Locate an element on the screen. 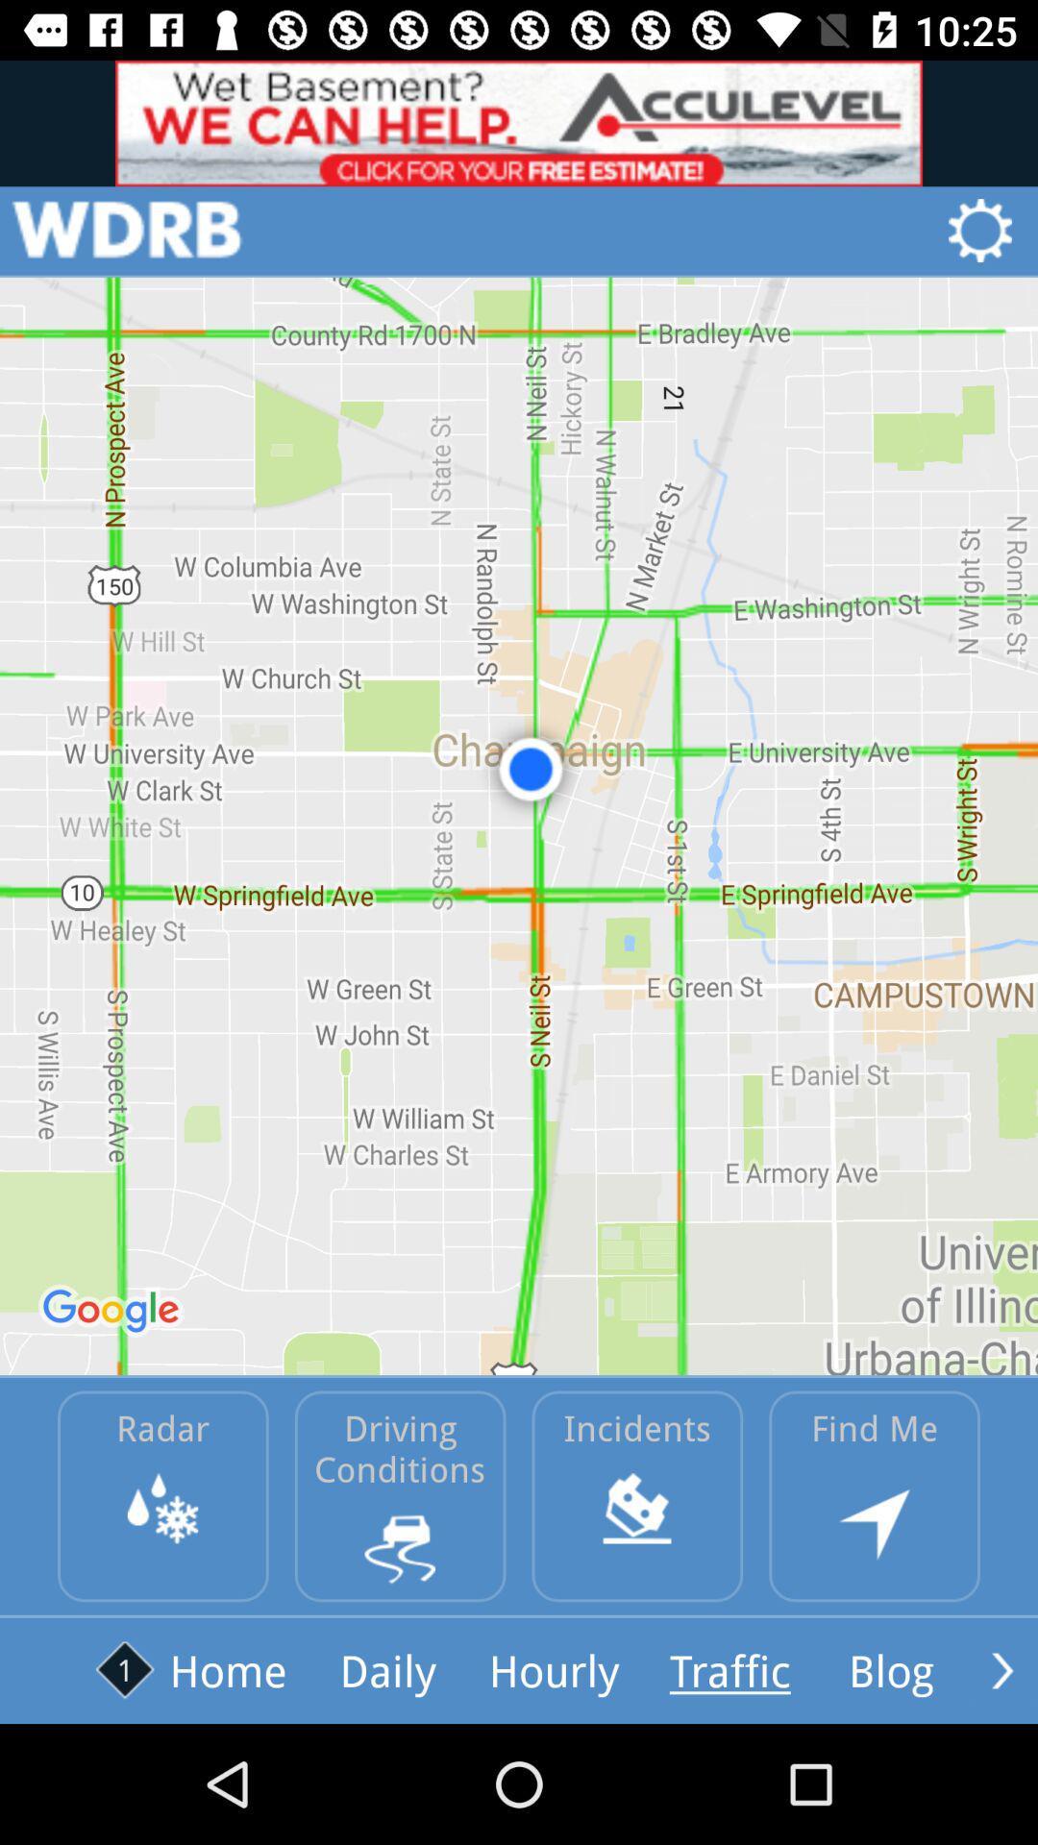  the menu icon is located at coordinates (126, 231).